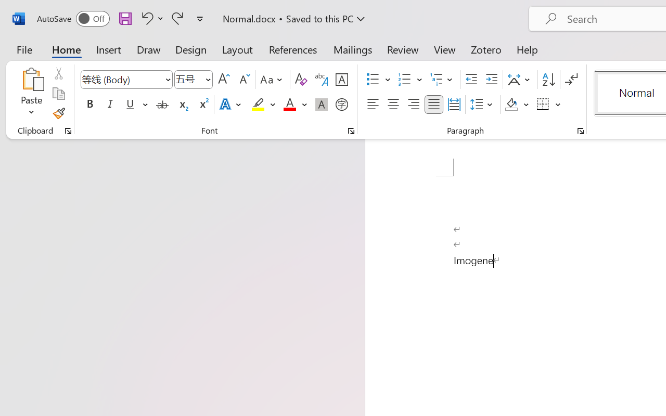 The height and width of the screenshot is (416, 666). Describe the element at coordinates (243, 80) in the screenshot. I see `'Shrink Font'` at that location.